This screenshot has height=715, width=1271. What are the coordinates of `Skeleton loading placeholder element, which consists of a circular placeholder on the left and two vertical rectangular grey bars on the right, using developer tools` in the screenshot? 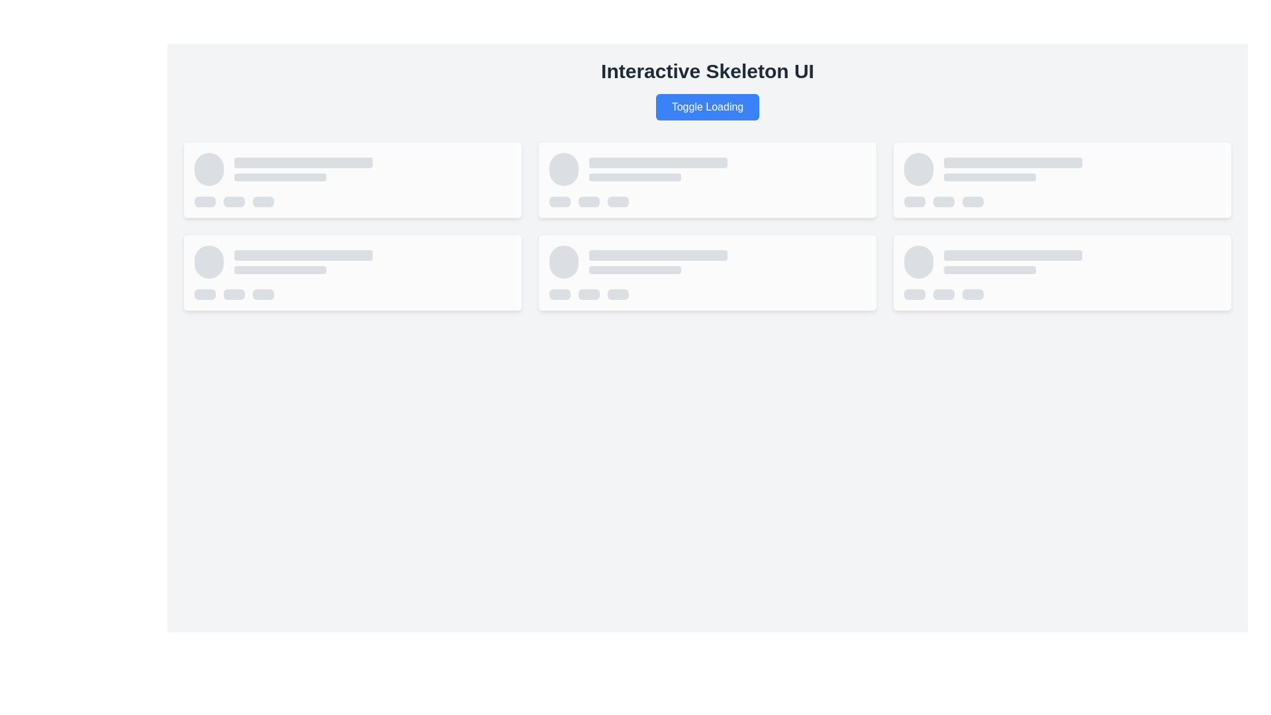 It's located at (1062, 262).